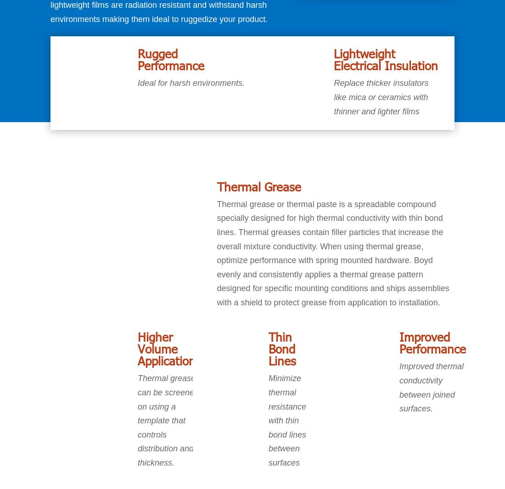  Describe the element at coordinates (380, 96) in the screenshot. I see `'Replace thicker insulators like mica or ceramics with thinner and lighter films'` at that location.